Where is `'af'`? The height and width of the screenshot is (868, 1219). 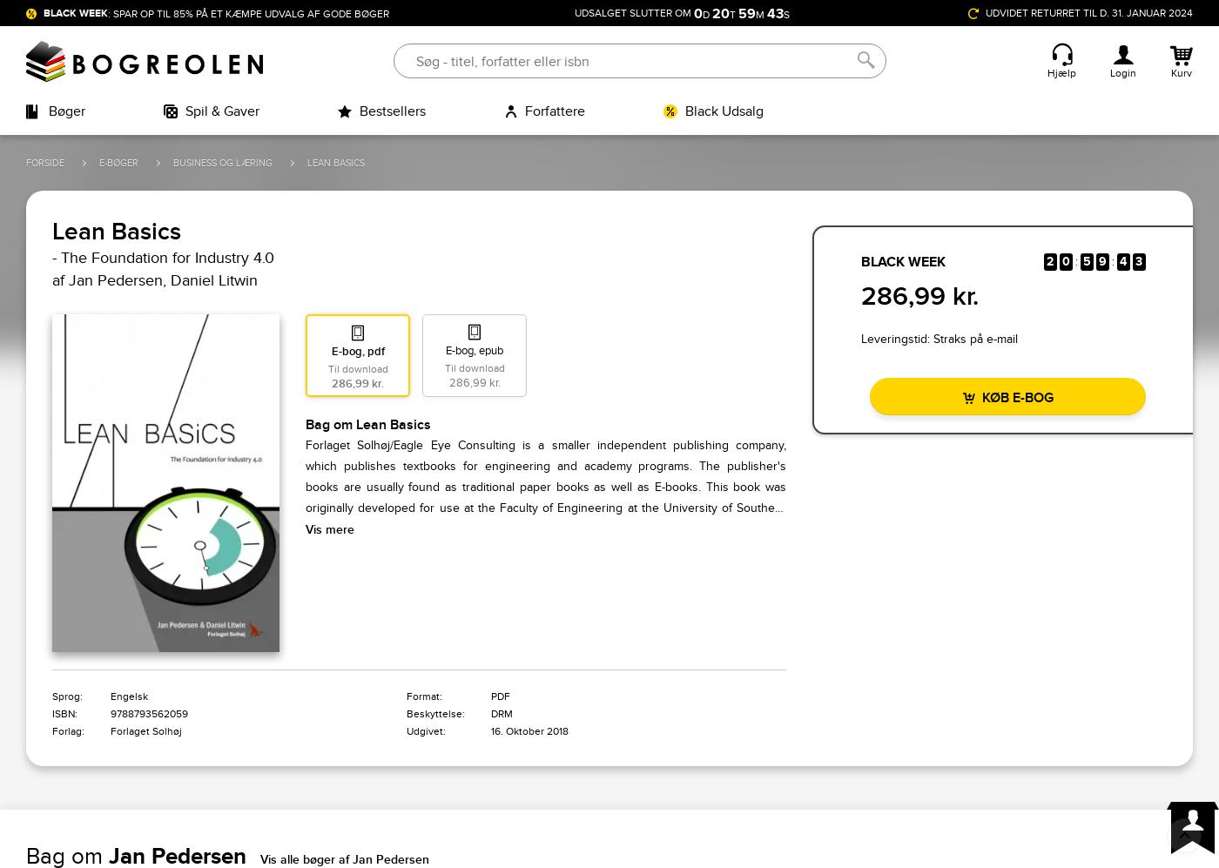
'af' is located at coordinates (52, 279).